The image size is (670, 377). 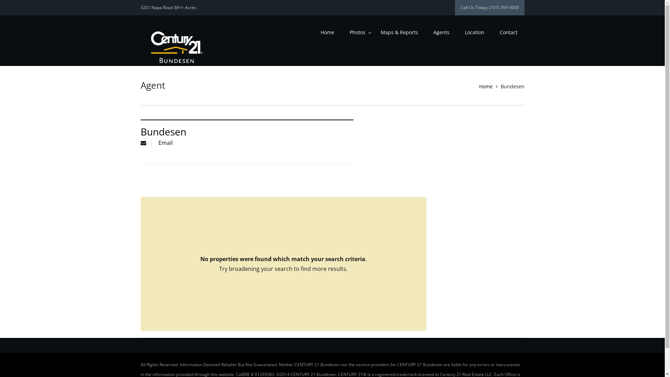 What do you see at coordinates (399, 32) in the screenshot?
I see `'Maps & Reports'` at bounding box center [399, 32].